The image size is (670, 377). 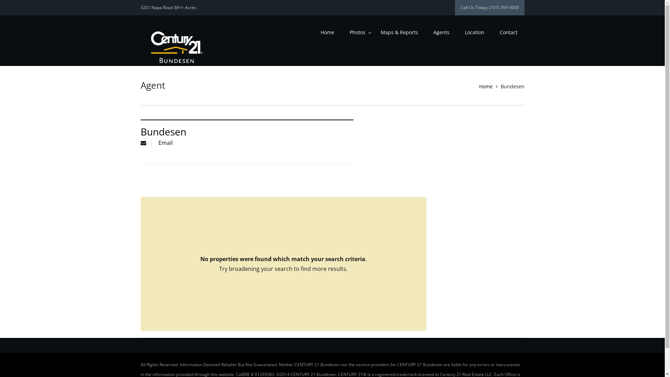 What do you see at coordinates (399, 32) in the screenshot?
I see `'Maps & Reports'` at bounding box center [399, 32].